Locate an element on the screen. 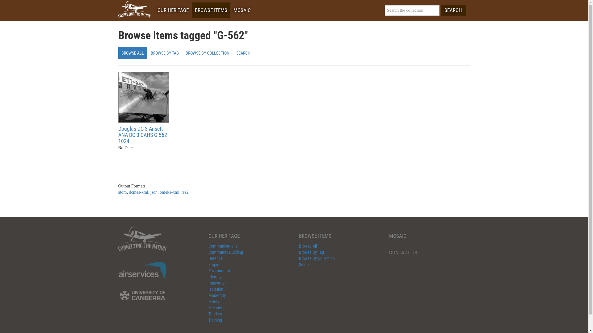  'OUR HERITAGE' is located at coordinates (224, 236).